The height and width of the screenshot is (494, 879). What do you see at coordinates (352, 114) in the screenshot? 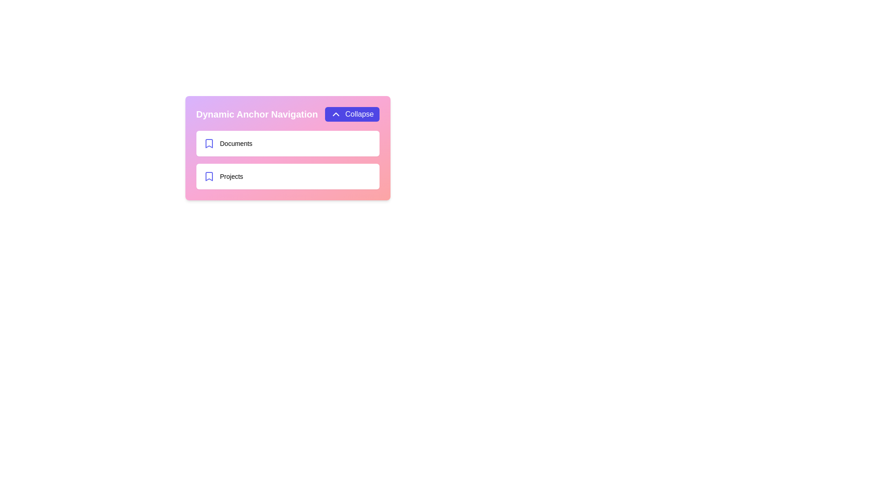
I see `the rectangular dark blue button labeled 'Collapse' with an upward-pointing chevron icon` at bounding box center [352, 114].